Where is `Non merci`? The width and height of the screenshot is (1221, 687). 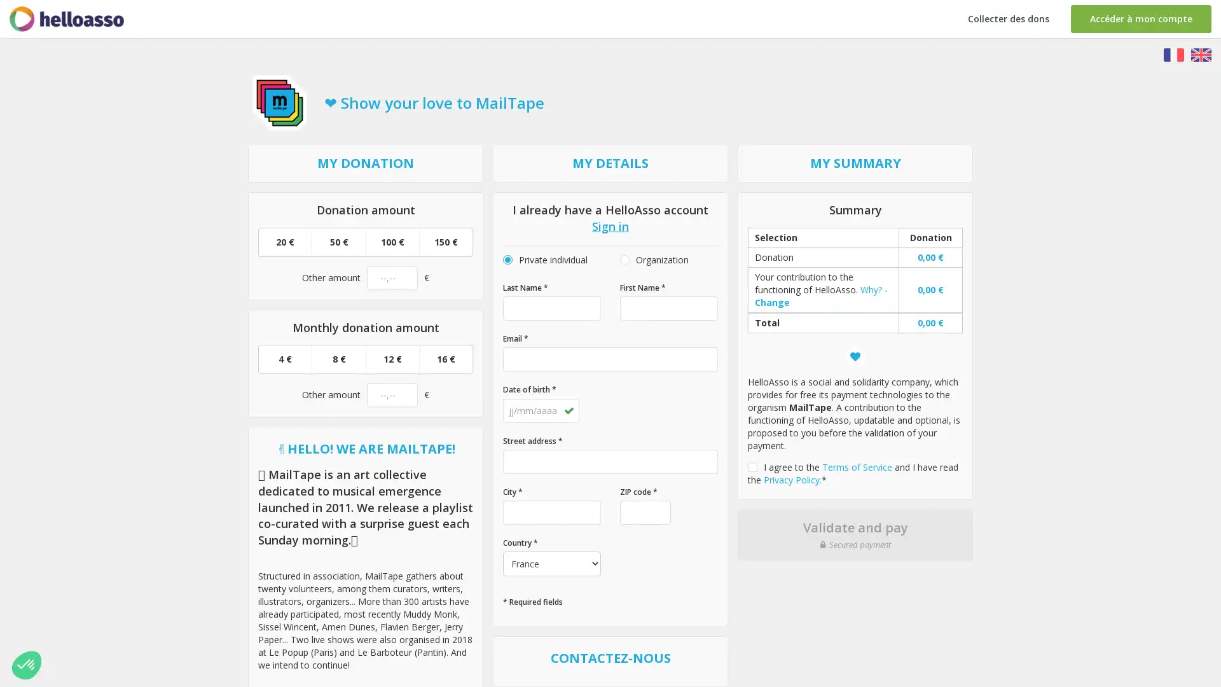
Non merci is located at coordinates (57, 622).